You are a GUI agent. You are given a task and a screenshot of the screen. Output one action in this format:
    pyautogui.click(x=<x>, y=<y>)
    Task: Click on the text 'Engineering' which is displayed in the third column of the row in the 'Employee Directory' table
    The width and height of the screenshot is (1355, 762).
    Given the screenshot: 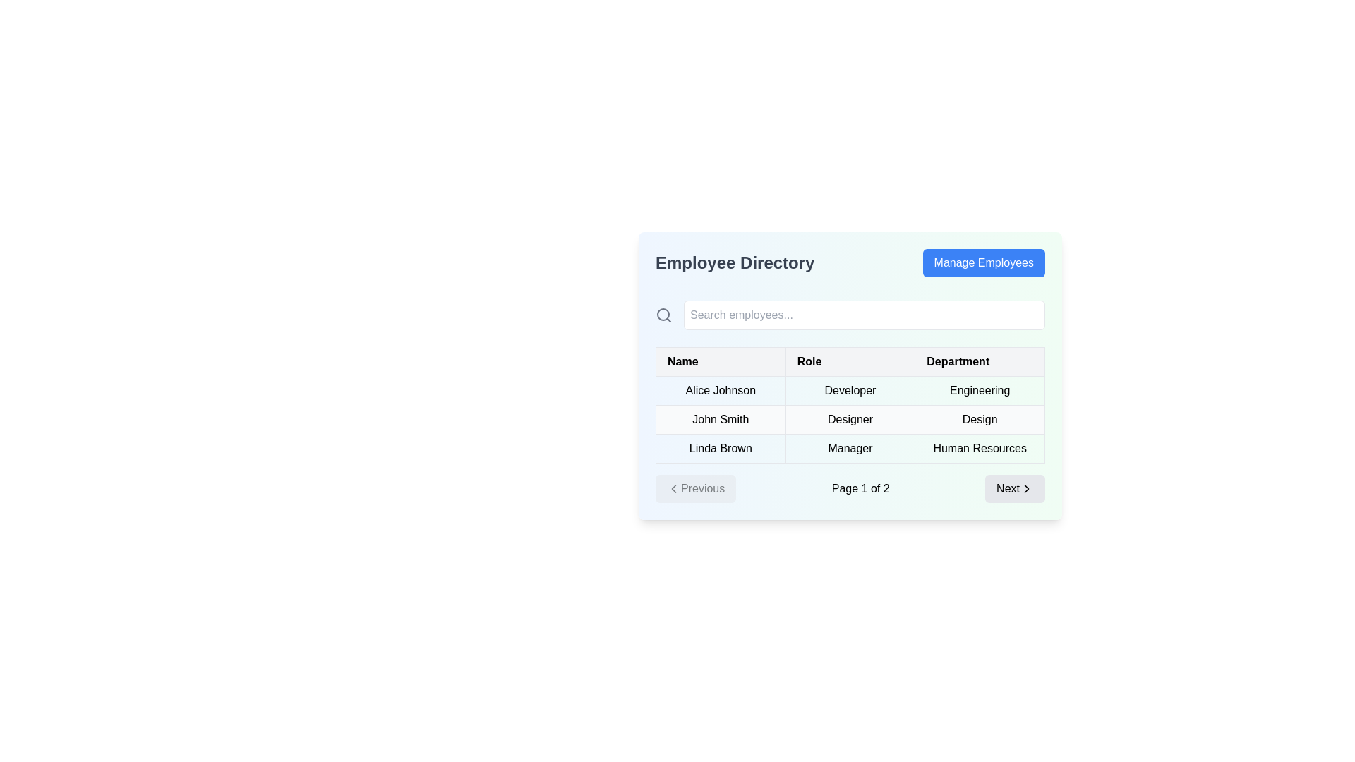 What is the action you would take?
    pyautogui.click(x=979, y=391)
    